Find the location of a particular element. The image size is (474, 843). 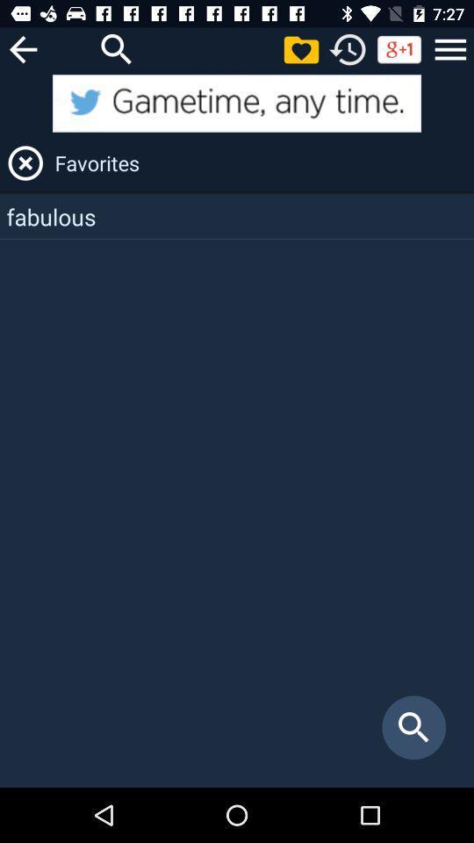

the app above favorites item is located at coordinates (237, 103).